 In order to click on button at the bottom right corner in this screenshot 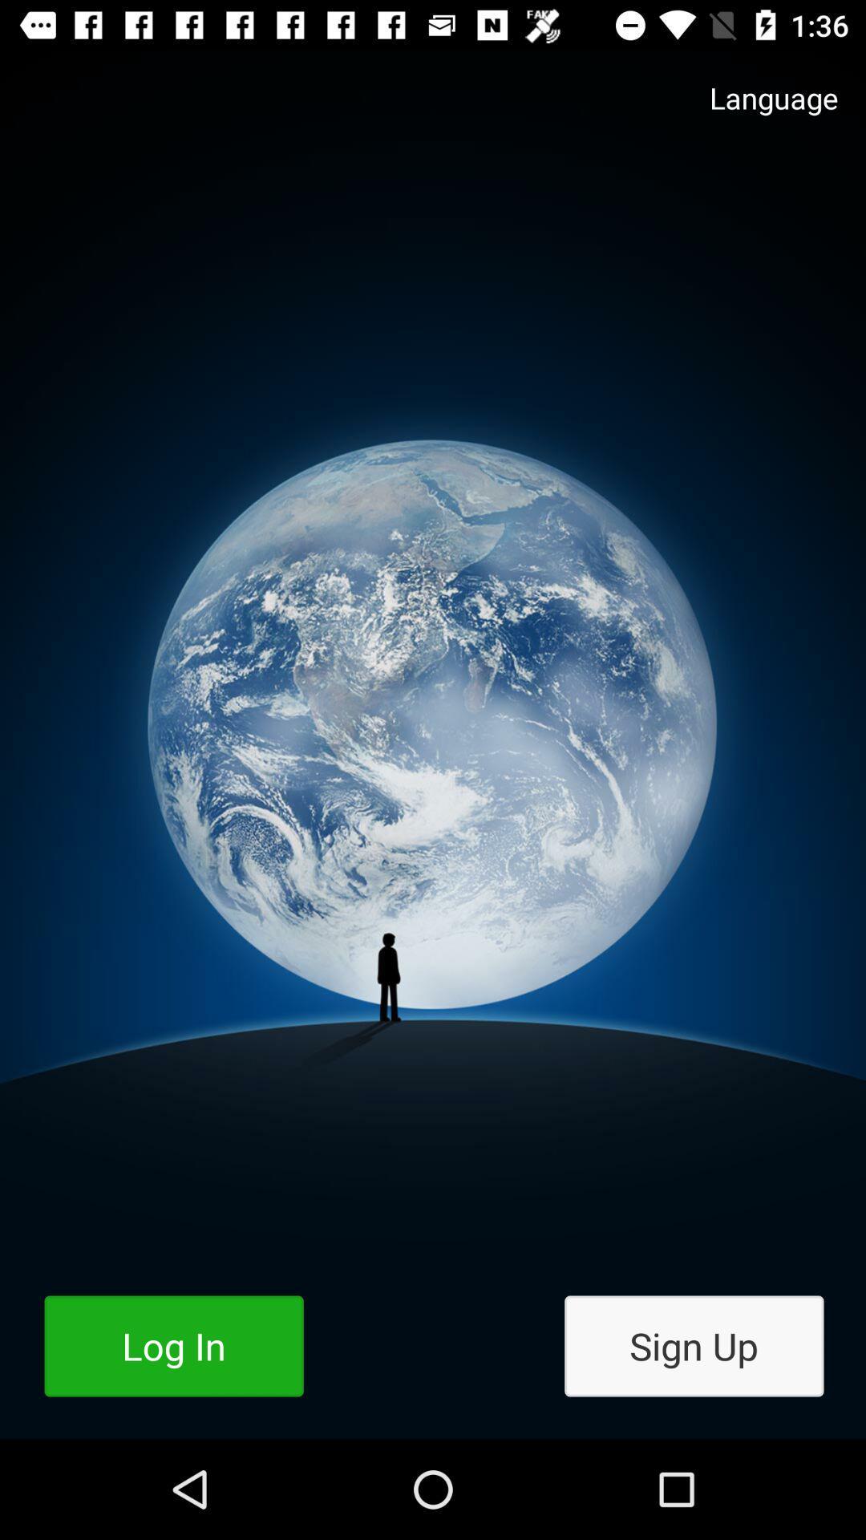, I will do `click(693, 1346)`.